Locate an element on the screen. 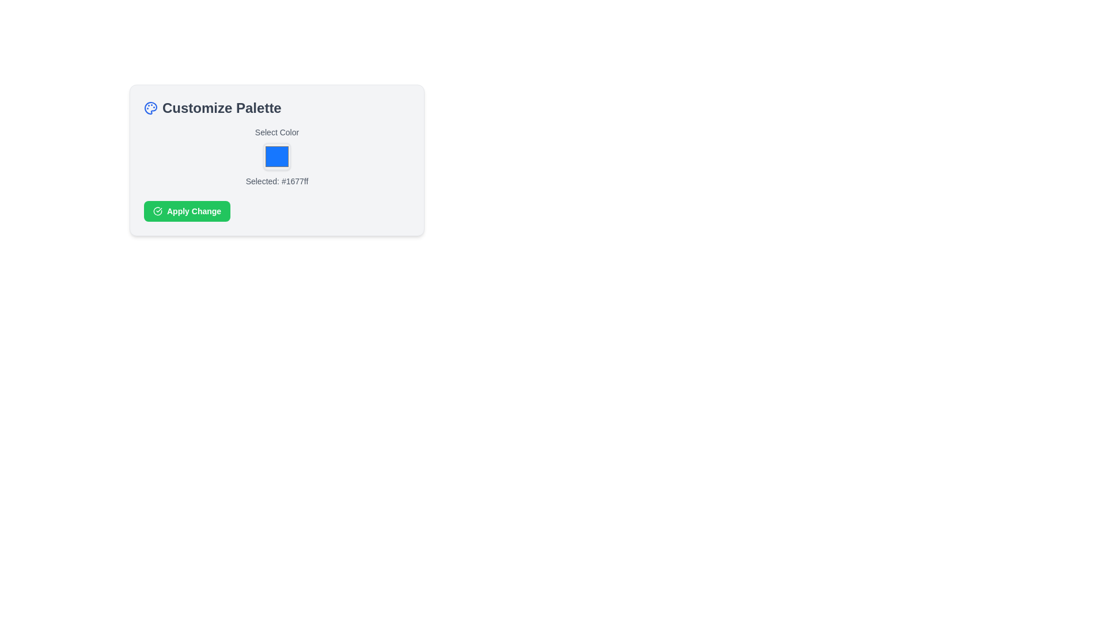  the green circular icon with a white checkmark inside it, which is located within the 'Apply Change' button at the bottom-left corner of the card interface is located at coordinates (157, 211).